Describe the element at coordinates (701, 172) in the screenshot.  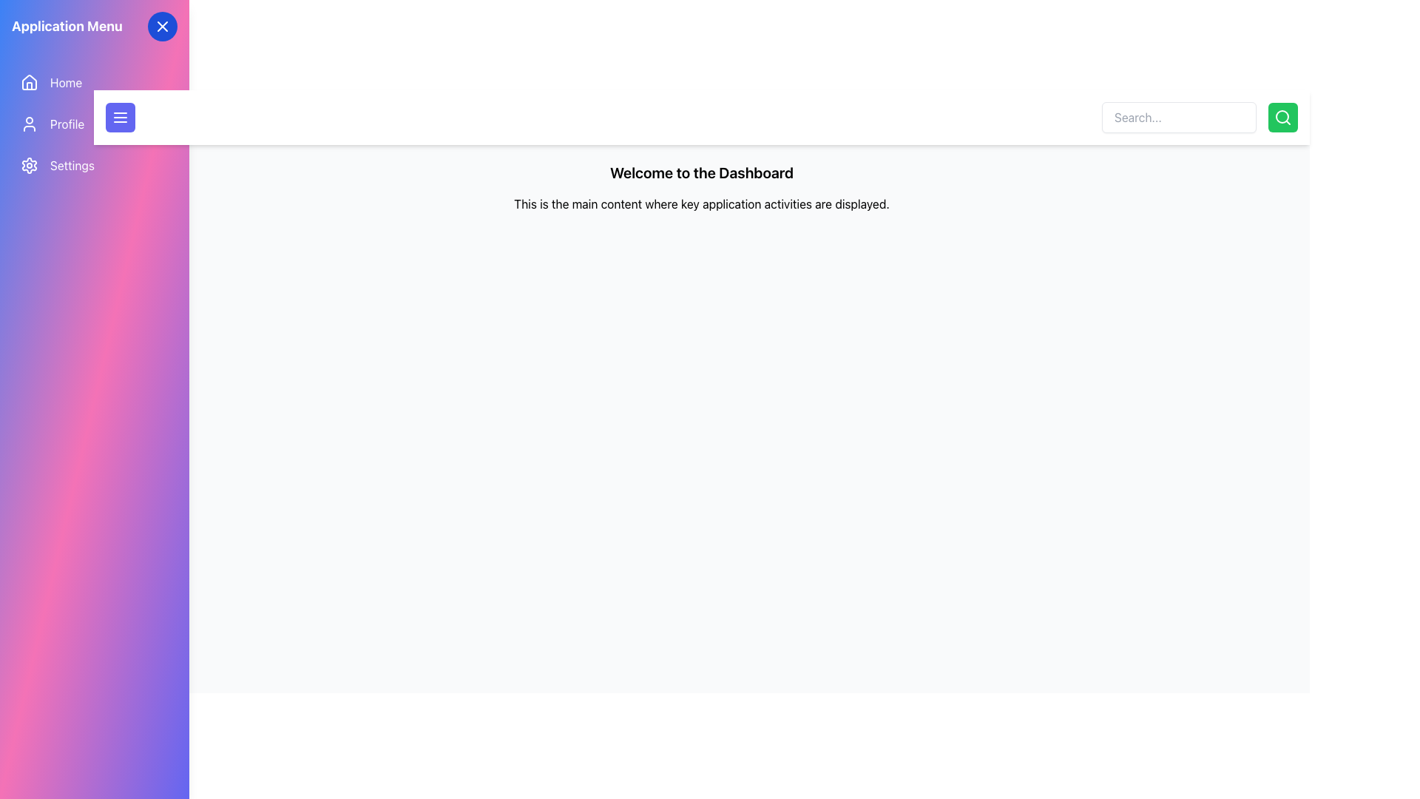
I see `the welcoming header text that introduces the user` at that location.